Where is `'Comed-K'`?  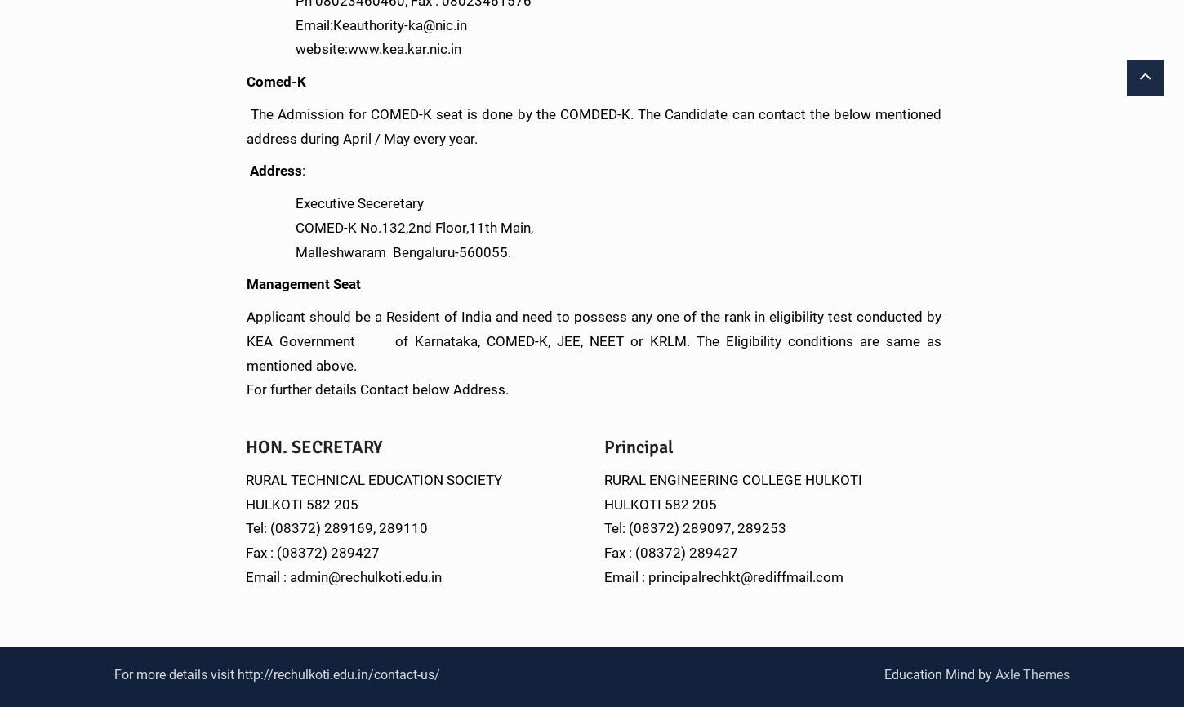
'Comed-K' is located at coordinates (247, 82).